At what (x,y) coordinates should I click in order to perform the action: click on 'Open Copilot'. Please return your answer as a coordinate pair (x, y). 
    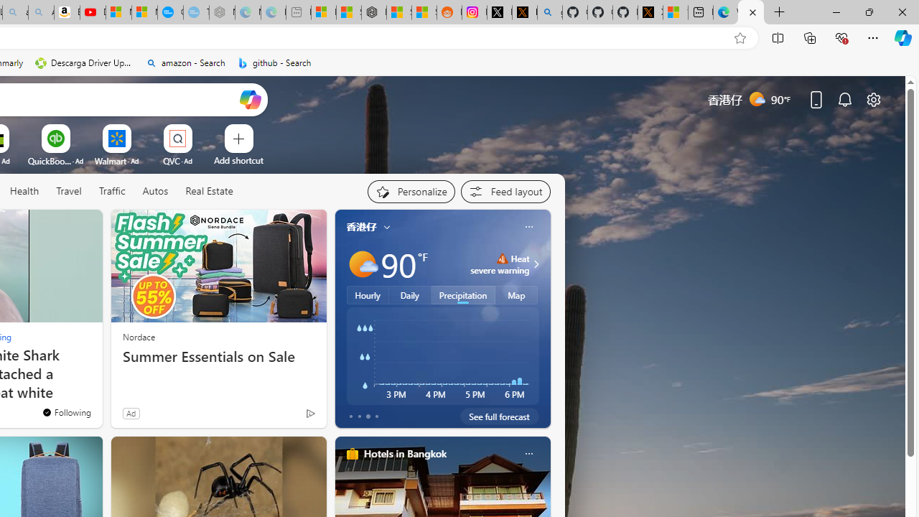
    Looking at the image, I should click on (250, 98).